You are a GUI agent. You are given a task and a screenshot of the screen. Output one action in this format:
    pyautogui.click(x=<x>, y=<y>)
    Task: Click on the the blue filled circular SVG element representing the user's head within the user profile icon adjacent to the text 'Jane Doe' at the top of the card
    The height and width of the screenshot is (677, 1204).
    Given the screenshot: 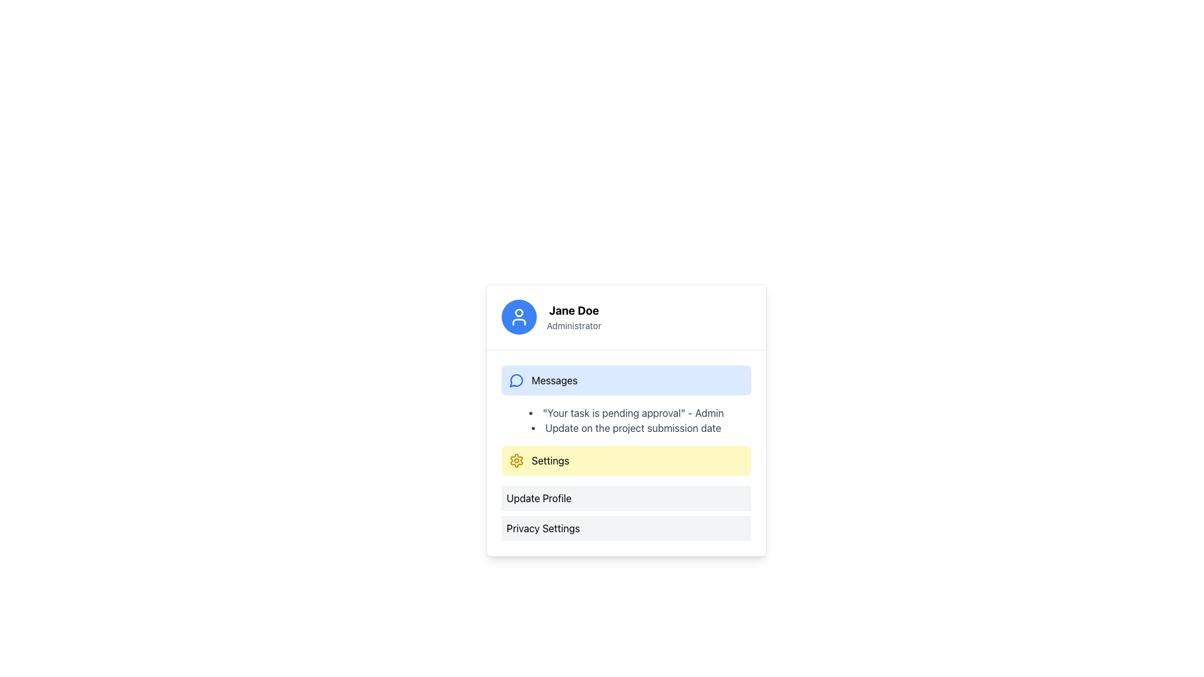 What is the action you would take?
    pyautogui.click(x=519, y=312)
    